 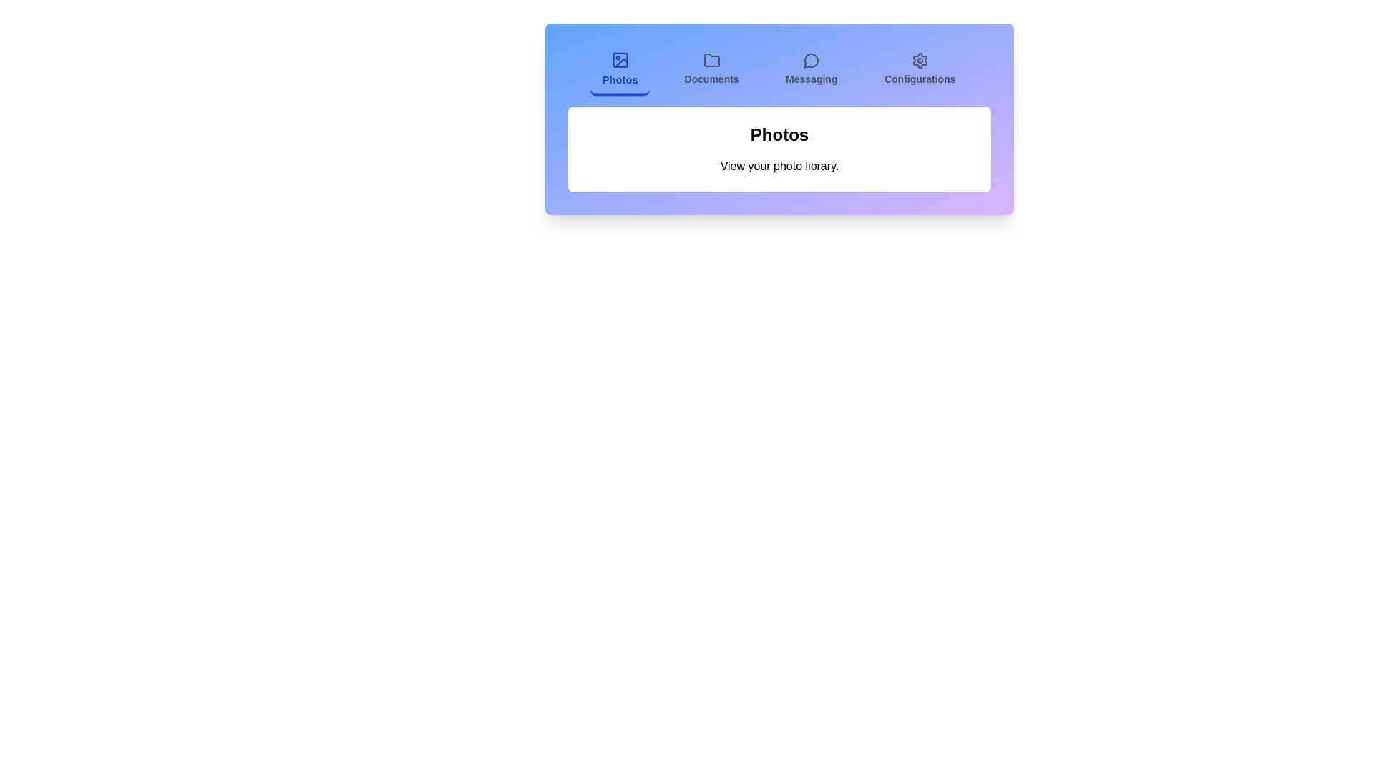 What do you see at coordinates (920, 71) in the screenshot?
I see `the Configurations tab to view its content` at bounding box center [920, 71].